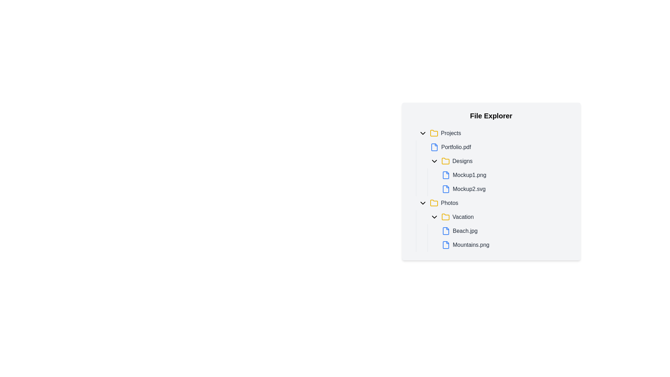  I want to click on the 'Mockup1.png' file entry in the Designs folder, so click(499, 182).